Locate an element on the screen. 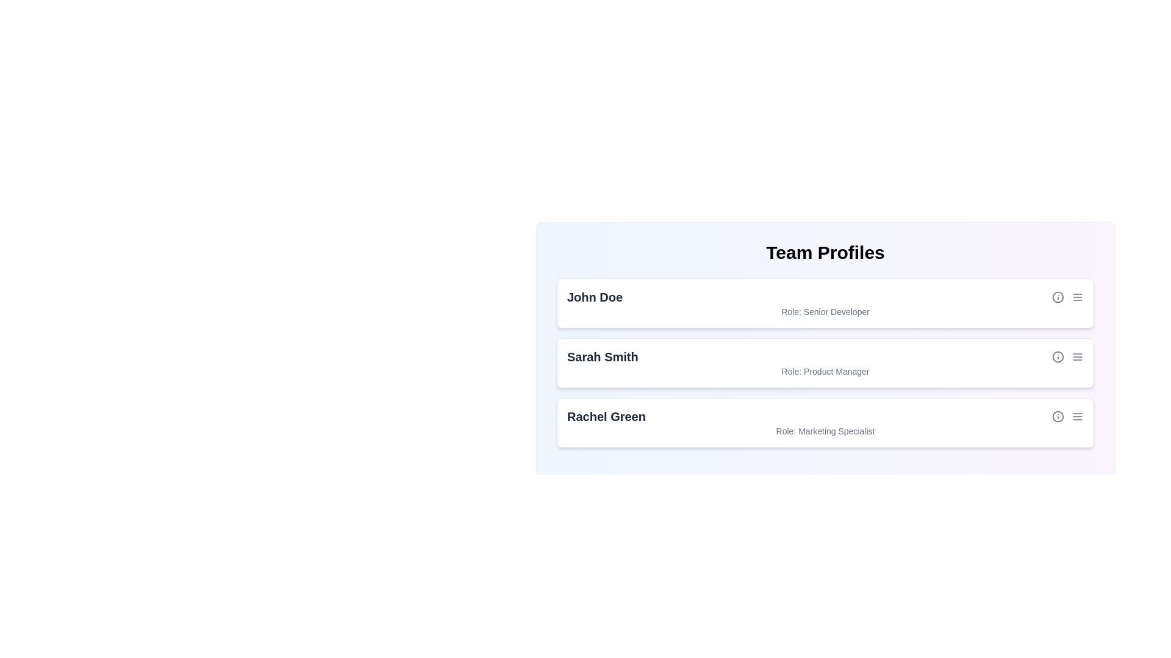 Image resolution: width=1171 pixels, height=658 pixels. the text label element reading 'Role: Senior Developer' that is positioned beneath the name 'John Doe' in the first card of the 'Team Profiles' section is located at coordinates (825, 311).